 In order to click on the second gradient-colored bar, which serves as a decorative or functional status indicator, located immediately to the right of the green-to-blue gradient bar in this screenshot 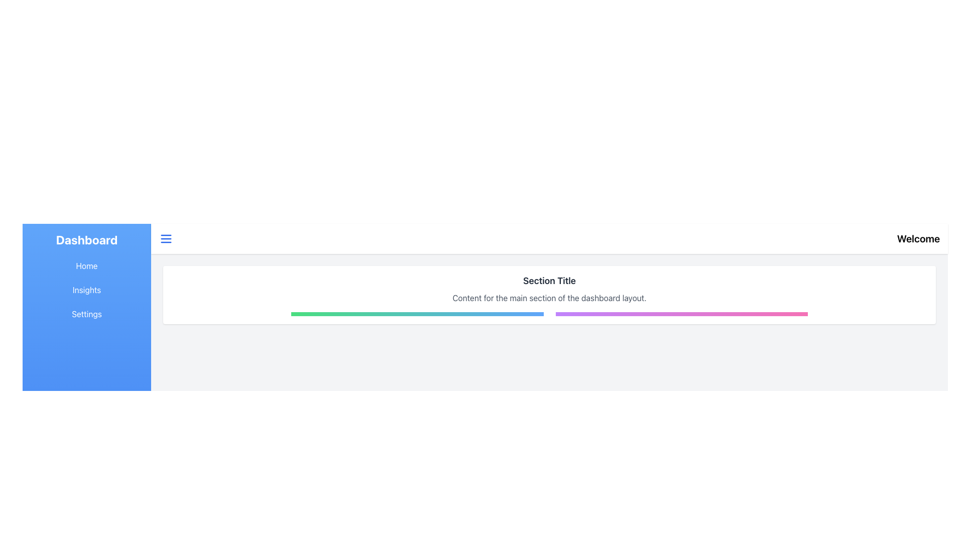, I will do `click(681, 313)`.